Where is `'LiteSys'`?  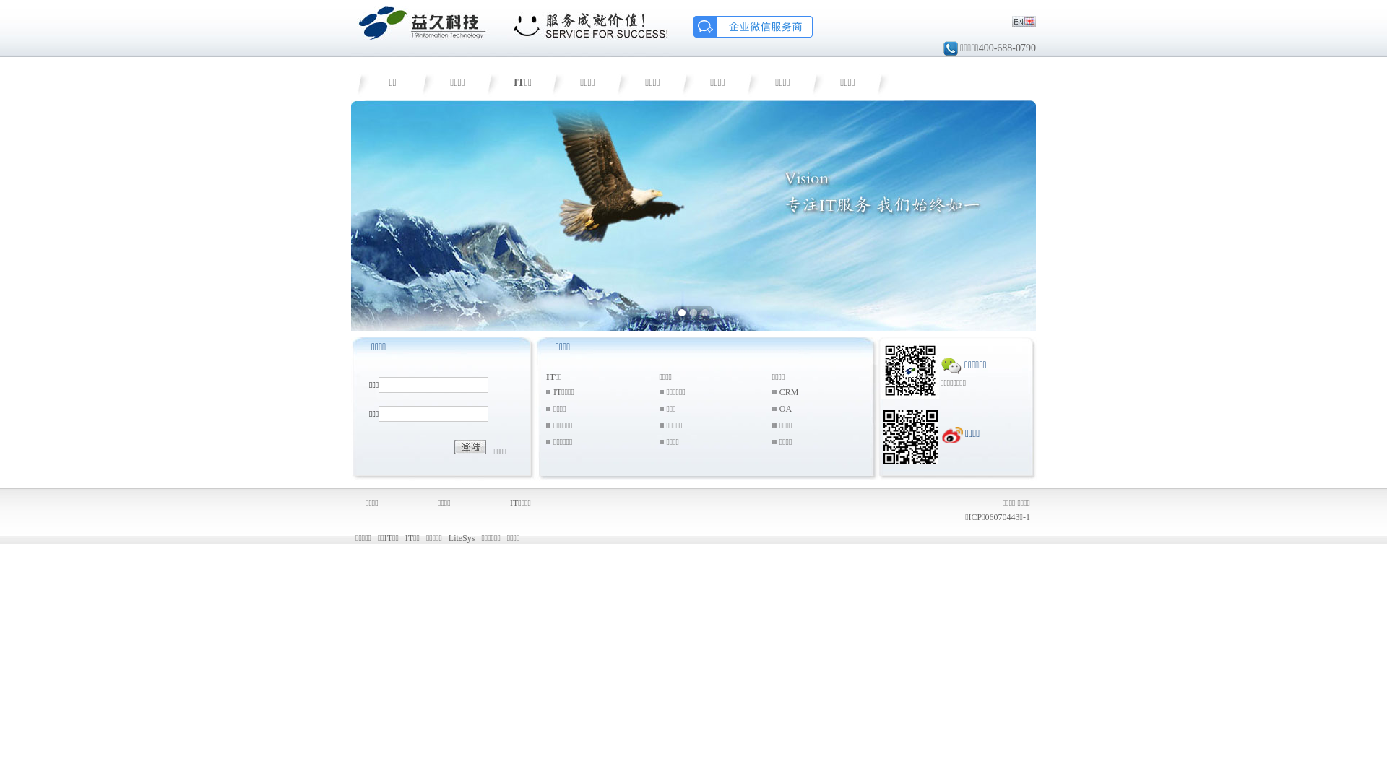
'LiteSys' is located at coordinates (461, 537).